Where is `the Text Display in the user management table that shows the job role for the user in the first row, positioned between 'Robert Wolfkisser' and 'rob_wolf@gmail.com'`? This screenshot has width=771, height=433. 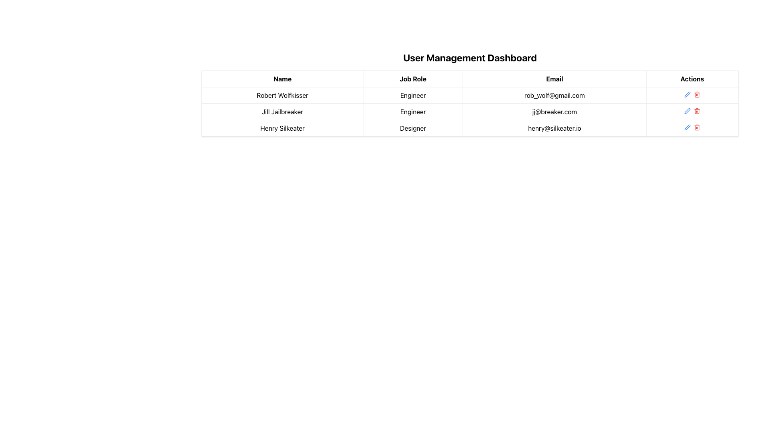 the Text Display in the user management table that shows the job role for the user in the first row, positioned between 'Robert Wolfkisser' and 'rob_wolf@gmail.com' is located at coordinates (413, 95).